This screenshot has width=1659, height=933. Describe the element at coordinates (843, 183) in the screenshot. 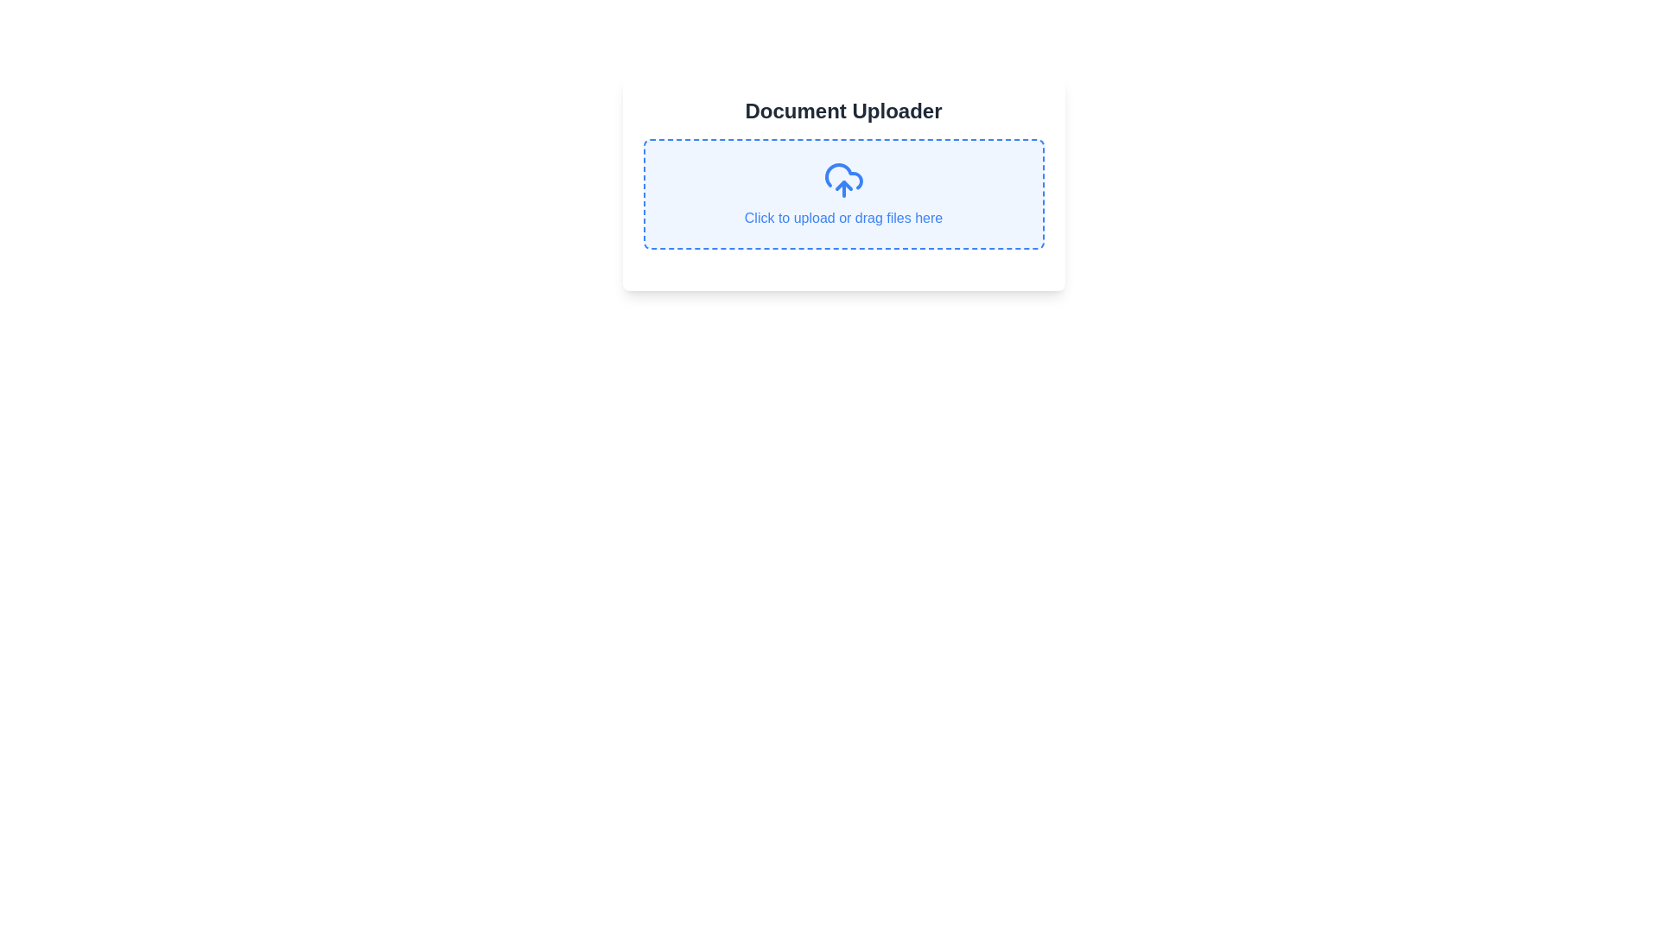

I see `the 'Document Uploader' component` at that location.